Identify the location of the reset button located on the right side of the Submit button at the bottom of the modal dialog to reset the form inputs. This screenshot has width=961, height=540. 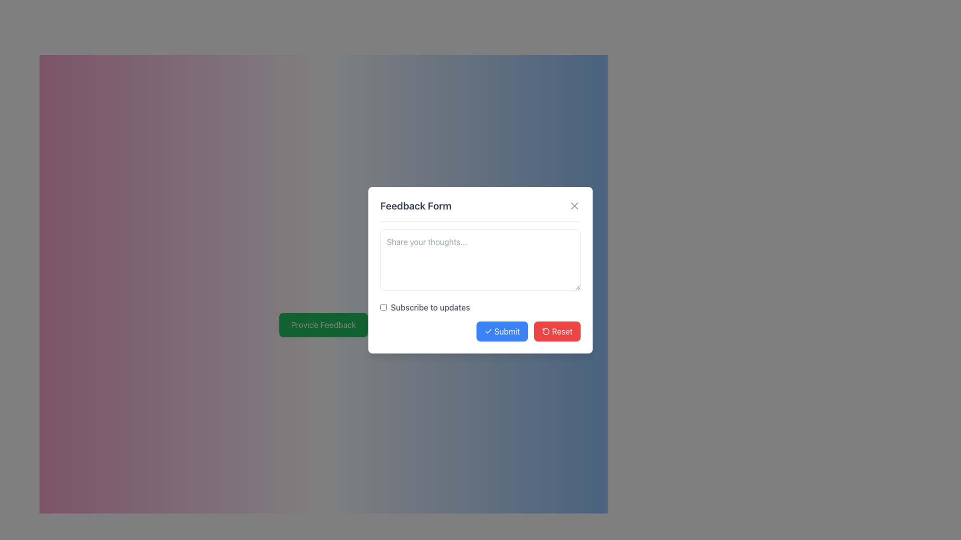
(557, 331).